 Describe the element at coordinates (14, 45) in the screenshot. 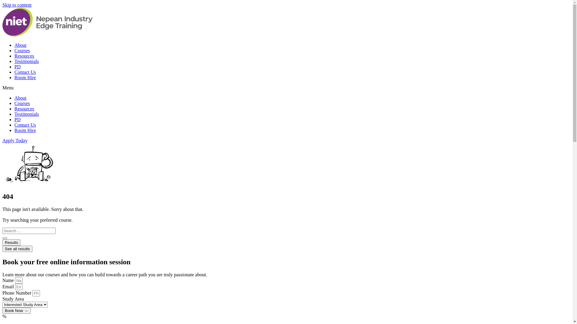

I see `'About'` at that location.